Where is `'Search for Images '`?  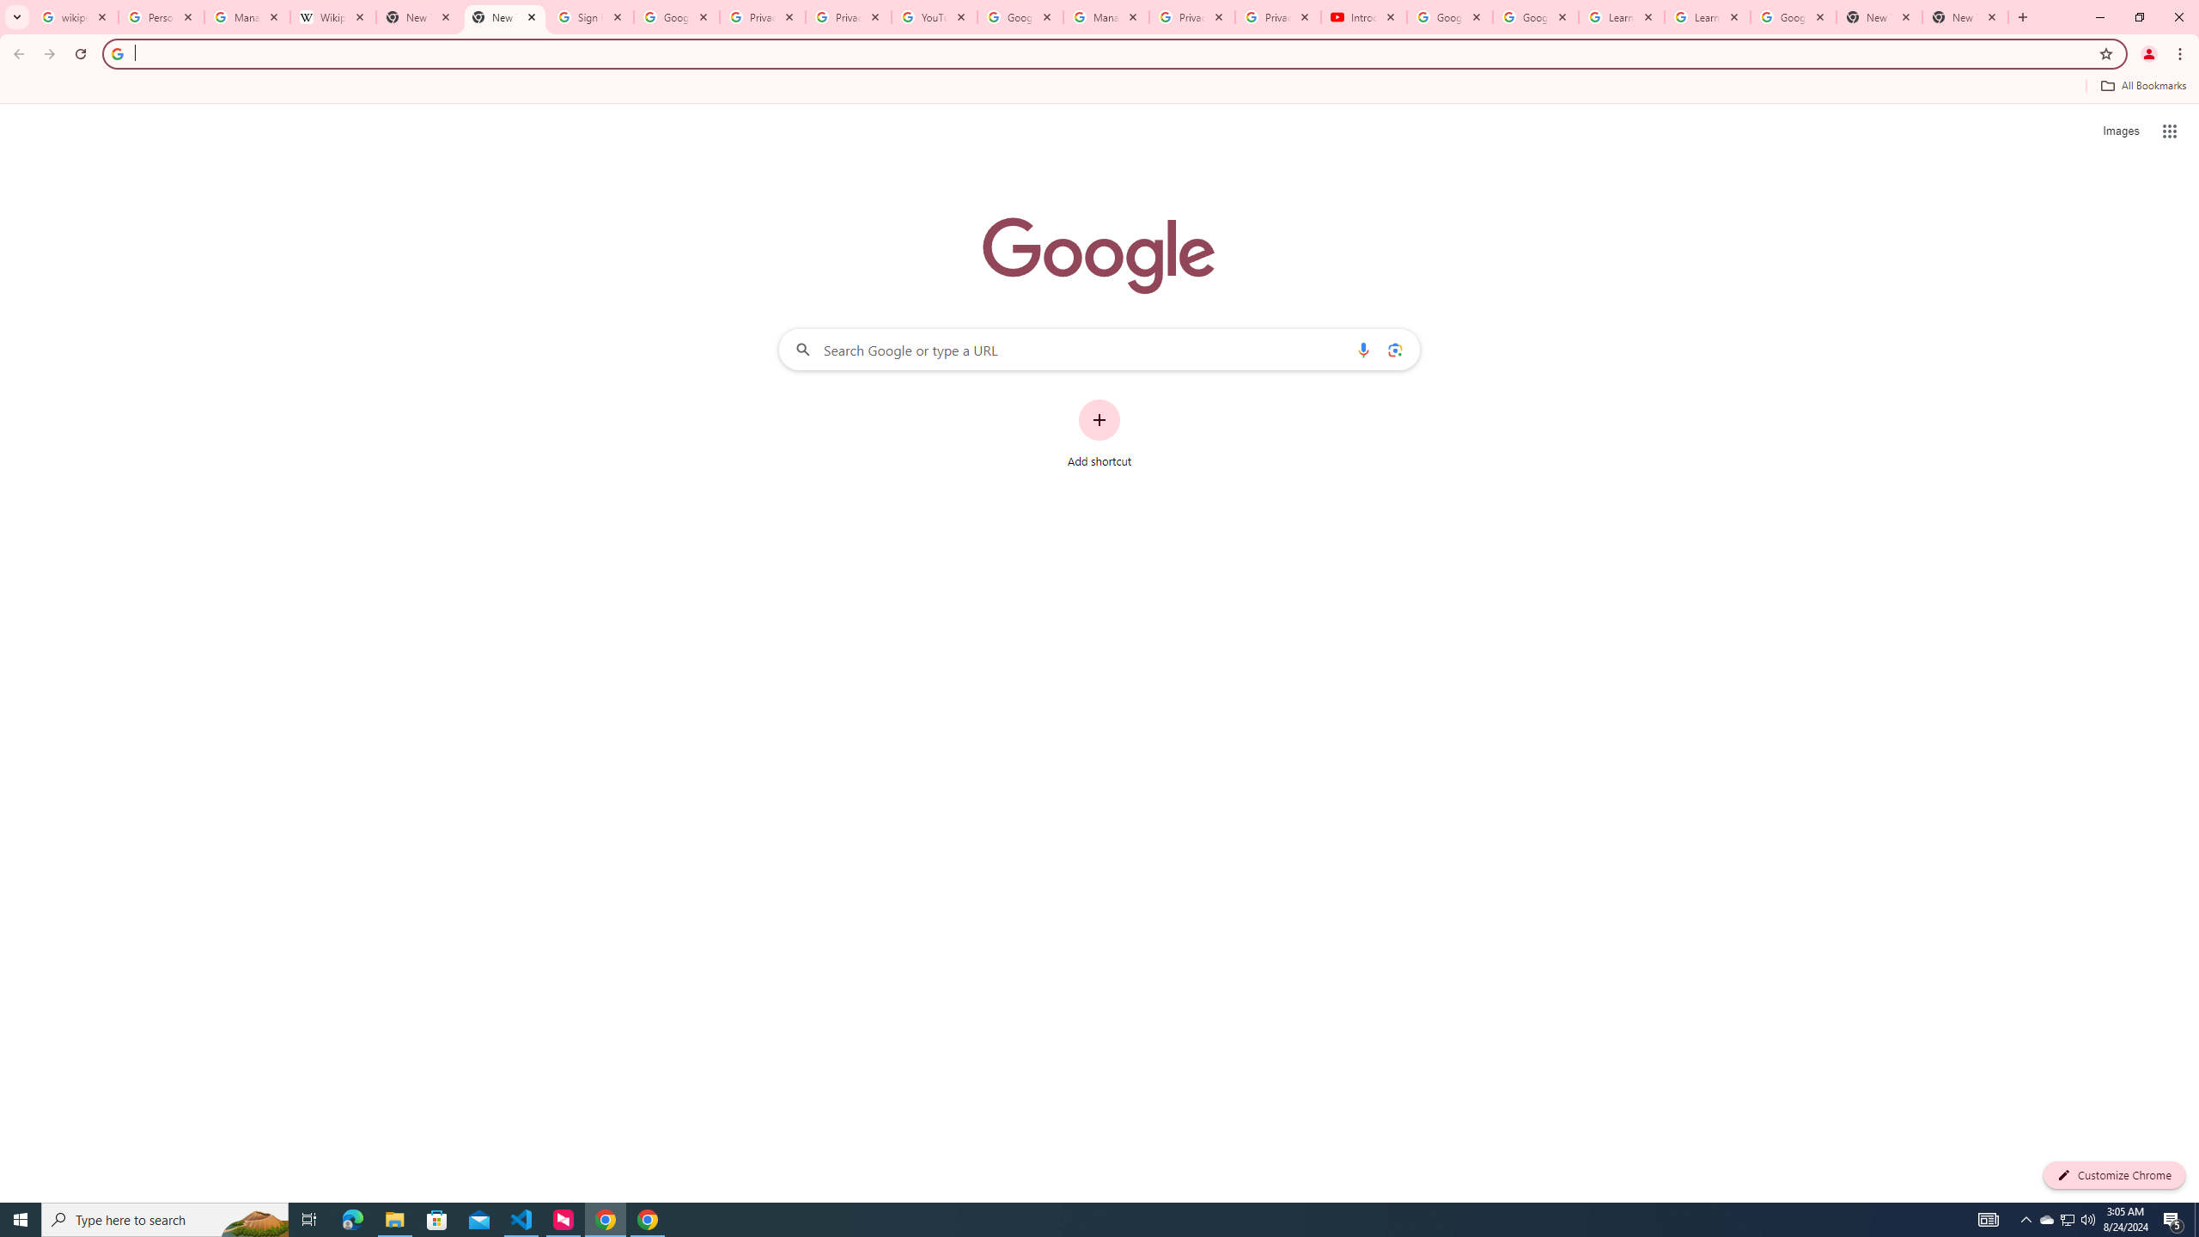 'Search for Images ' is located at coordinates (2121, 131).